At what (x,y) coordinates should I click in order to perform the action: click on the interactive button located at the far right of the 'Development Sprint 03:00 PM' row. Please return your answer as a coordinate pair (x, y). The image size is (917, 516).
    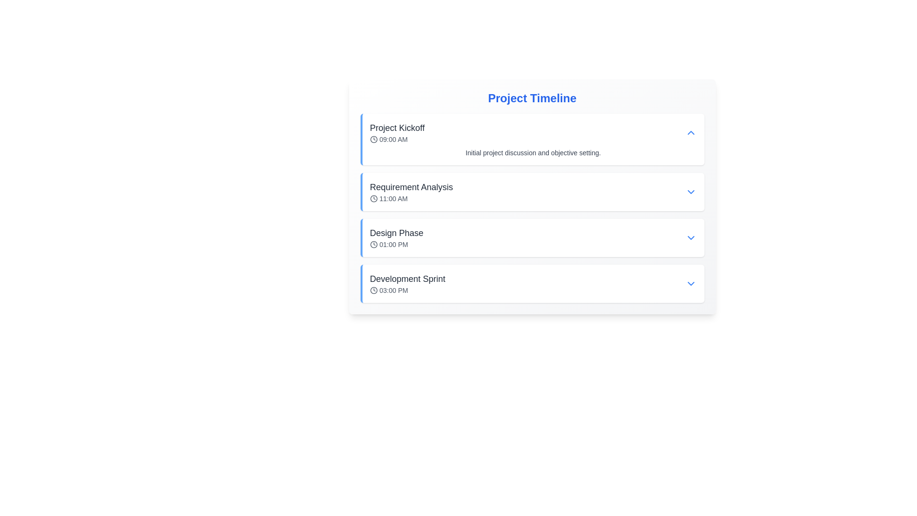
    Looking at the image, I should click on (691, 283).